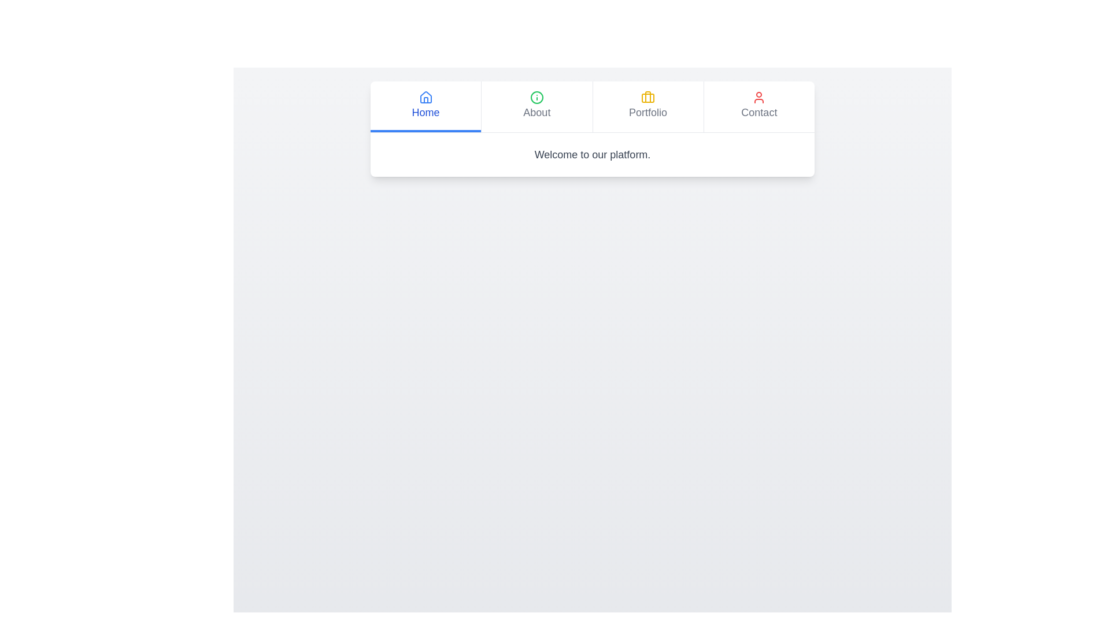 Image resolution: width=1110 pixels, height=624 pixels. What do you see at coordinates (758, 107) in the screenshot?
I see `the Contact tab in the KnowledgeTabs component` at bounding box center [758, 107].